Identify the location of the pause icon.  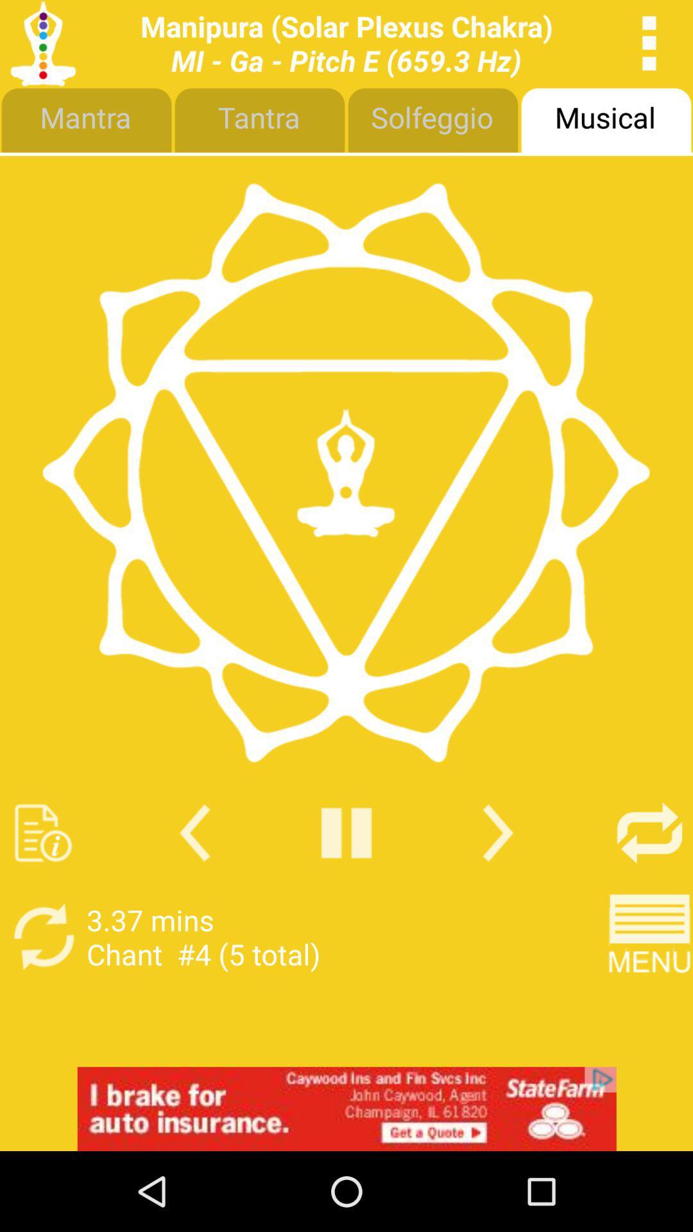
(346, 891).